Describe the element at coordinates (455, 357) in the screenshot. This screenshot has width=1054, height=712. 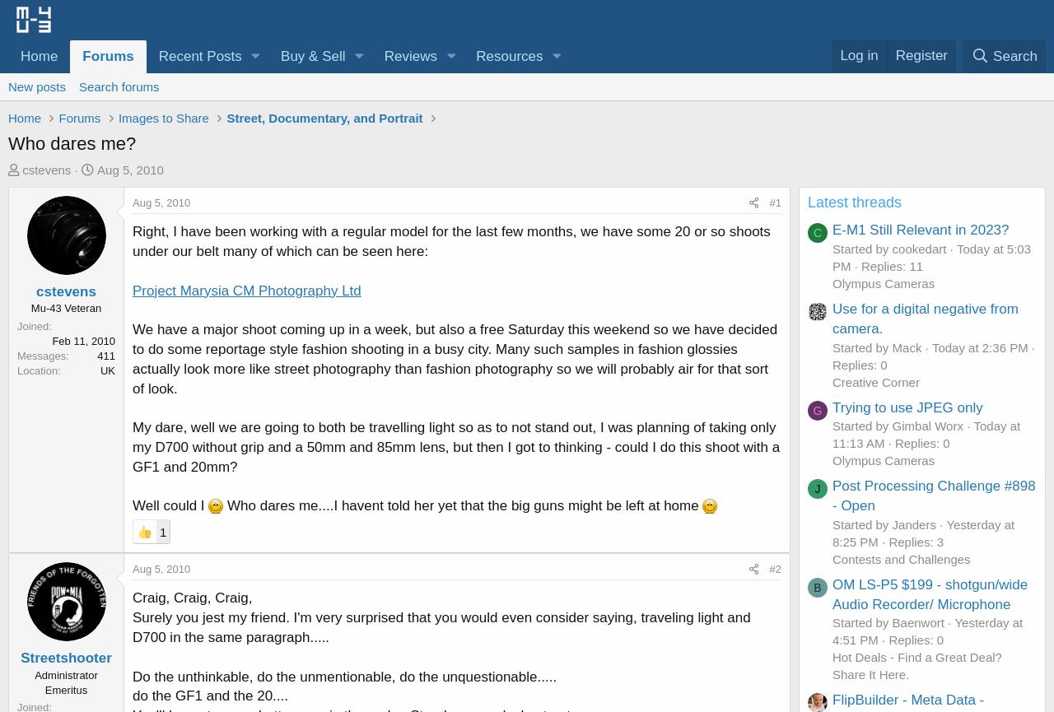
I see `'We have a major shoot coming up in a week, but also a free Saturday this weekend so we have decided to do some reportage style fashion shooting in a busy city.  Many such samples in fashion glossies actually look more like street photography than fashion photography so we will probably air for that sort of look.'` at that location.